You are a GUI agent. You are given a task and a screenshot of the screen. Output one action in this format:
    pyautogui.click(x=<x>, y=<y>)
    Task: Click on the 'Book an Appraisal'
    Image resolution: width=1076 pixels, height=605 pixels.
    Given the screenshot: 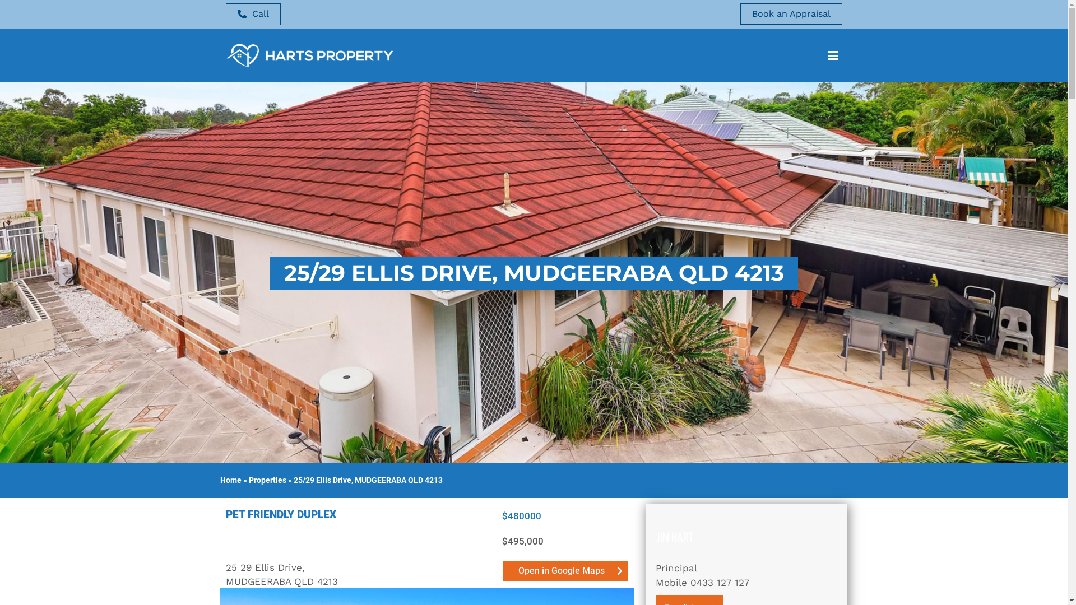 What is the action you would take?
    pyautogui.click(x=790, y=13)
    